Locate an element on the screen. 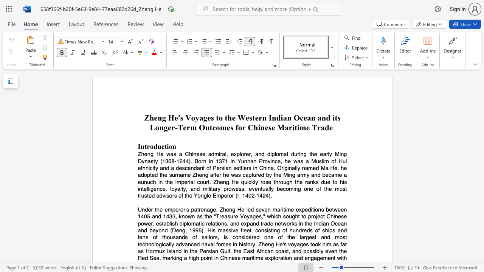 The width and height of the screenshot is (484, 272). the space between the continuous character "p" and "o" in the text is located at coordinates (306, 251).